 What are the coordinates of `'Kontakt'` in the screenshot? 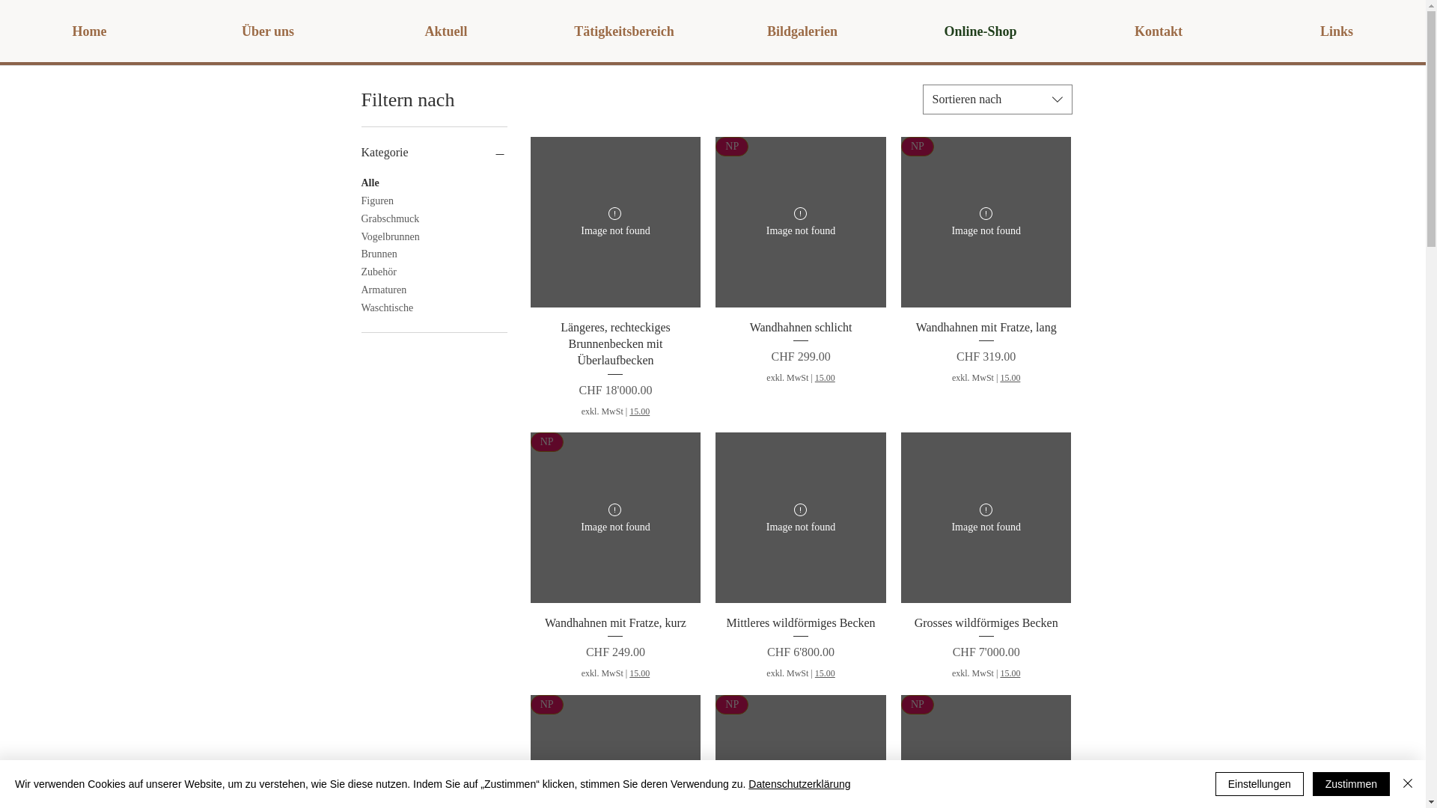 It's located at (1158, 31).